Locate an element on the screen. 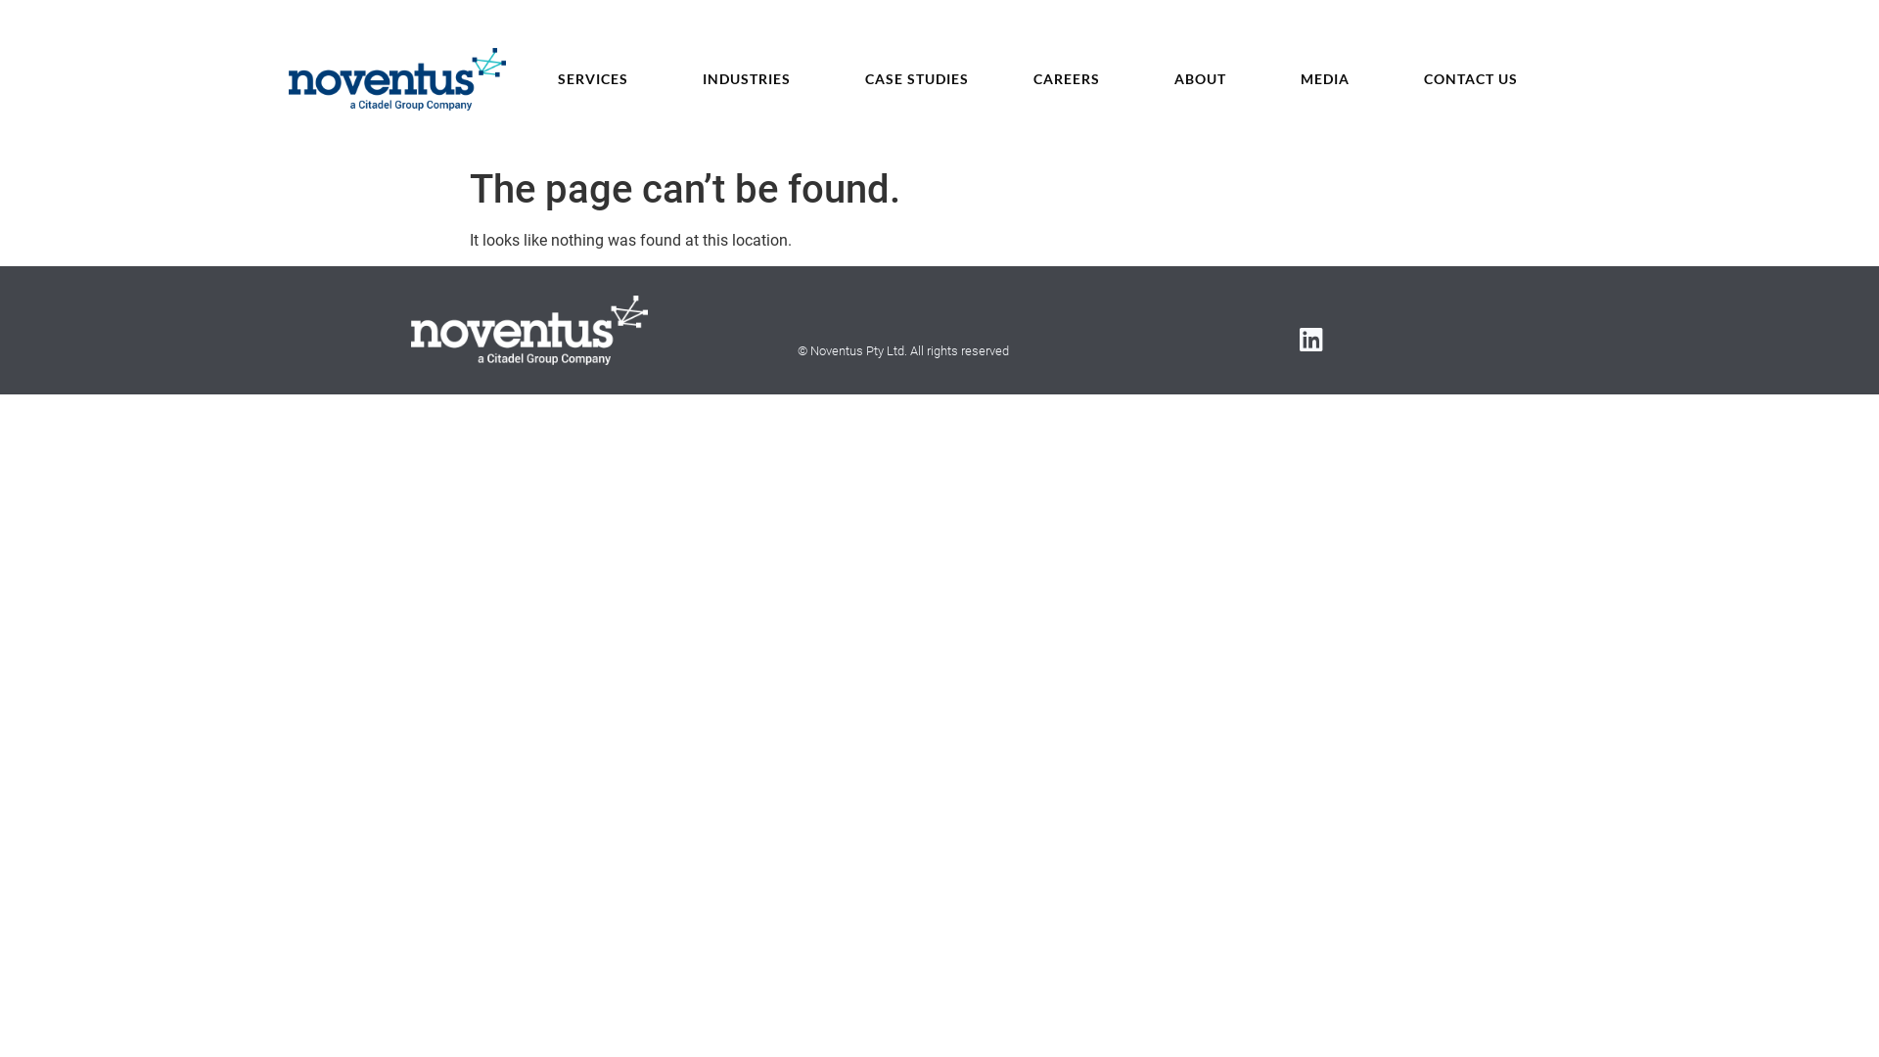 This screenshot has width=1879, height=1057. 'SERVICES' is located at coordinates (596, 78).